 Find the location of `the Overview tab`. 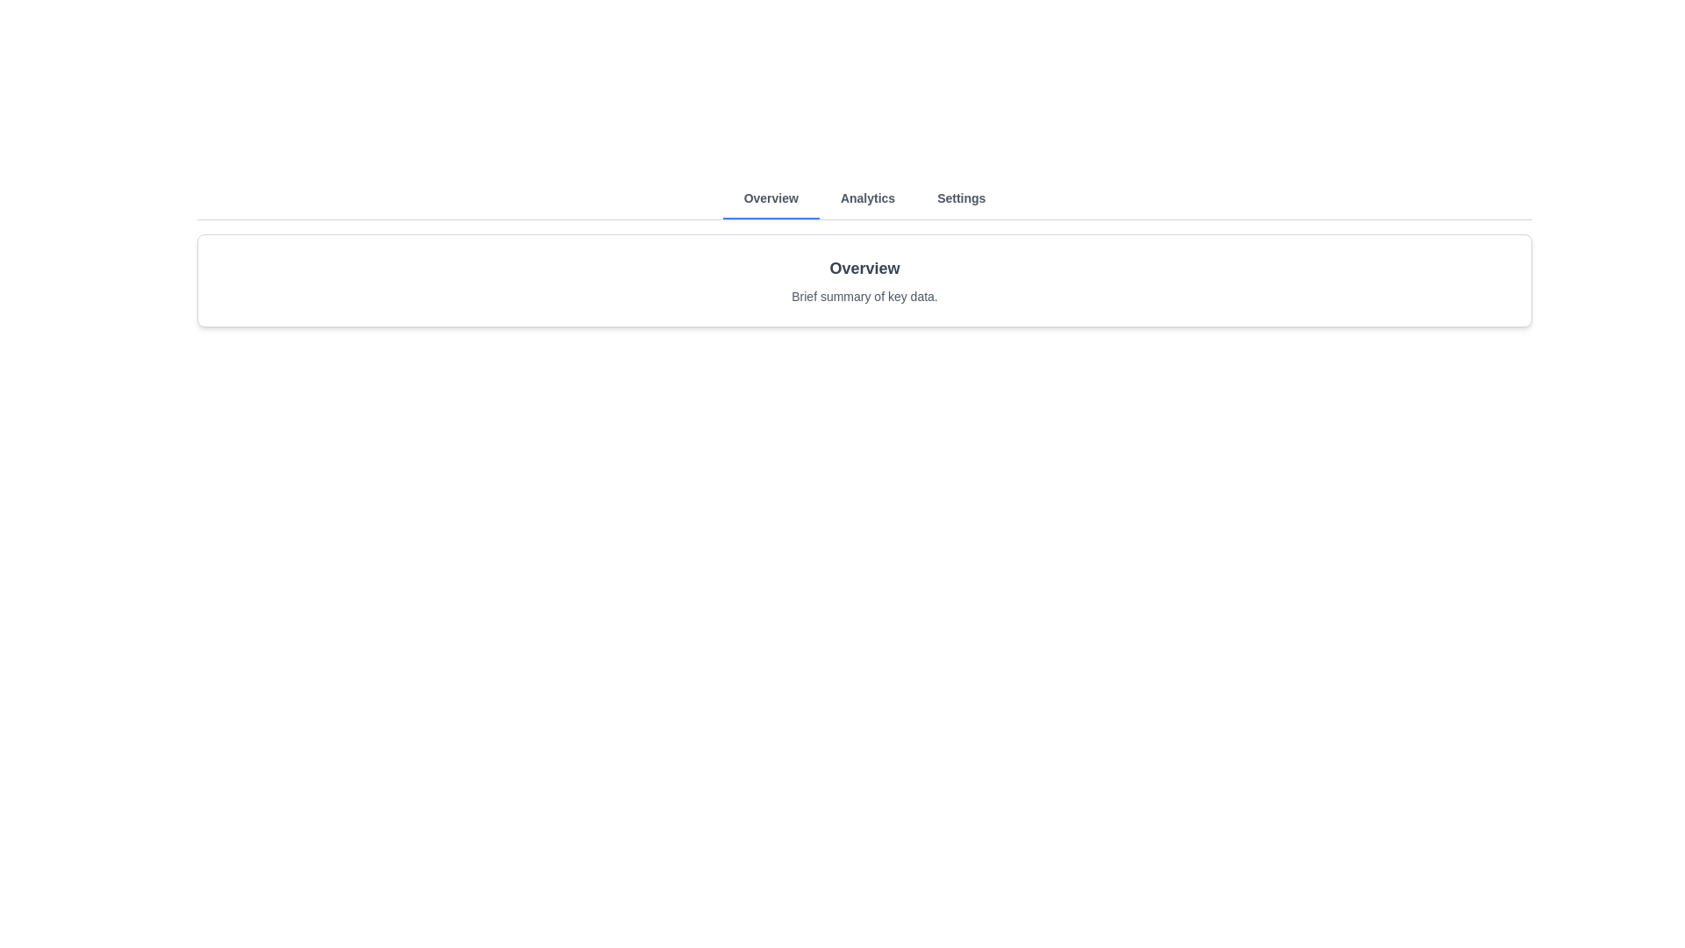

the Overview tab is located at coordinates (771, 198).